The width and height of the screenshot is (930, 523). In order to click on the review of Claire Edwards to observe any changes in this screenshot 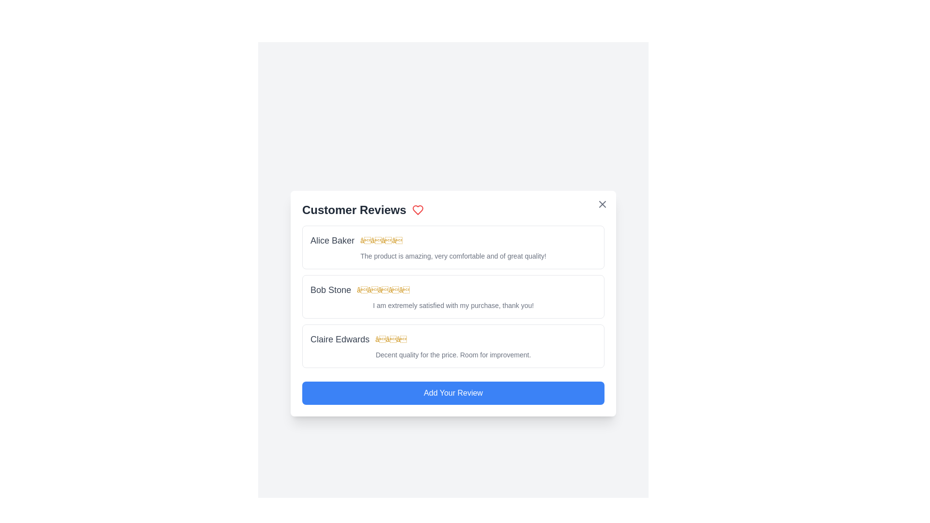, I will do `click(453, 345)`.